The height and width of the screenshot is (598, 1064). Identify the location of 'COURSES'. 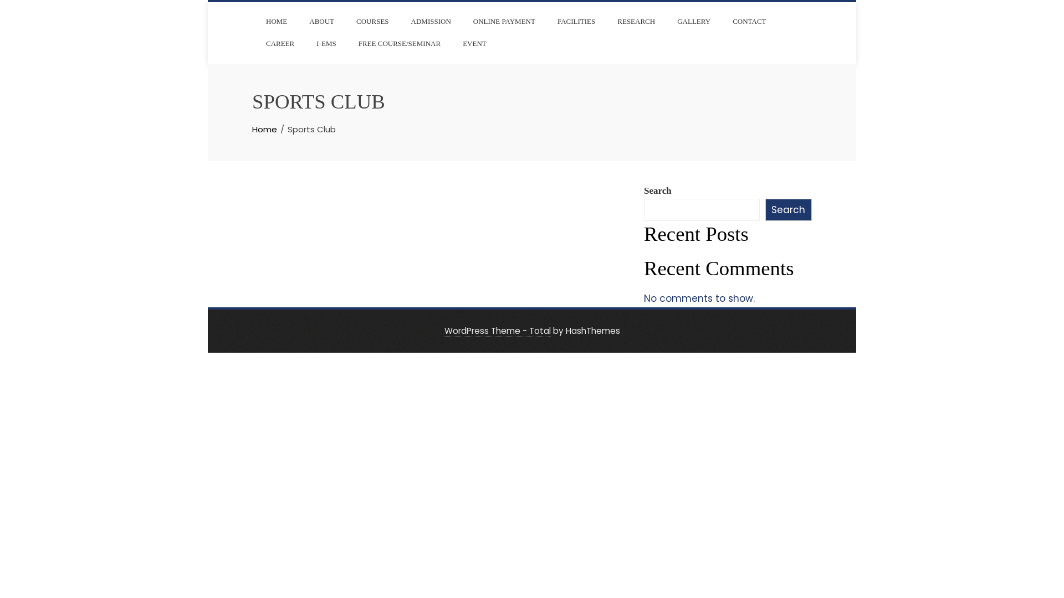
(372, 21).